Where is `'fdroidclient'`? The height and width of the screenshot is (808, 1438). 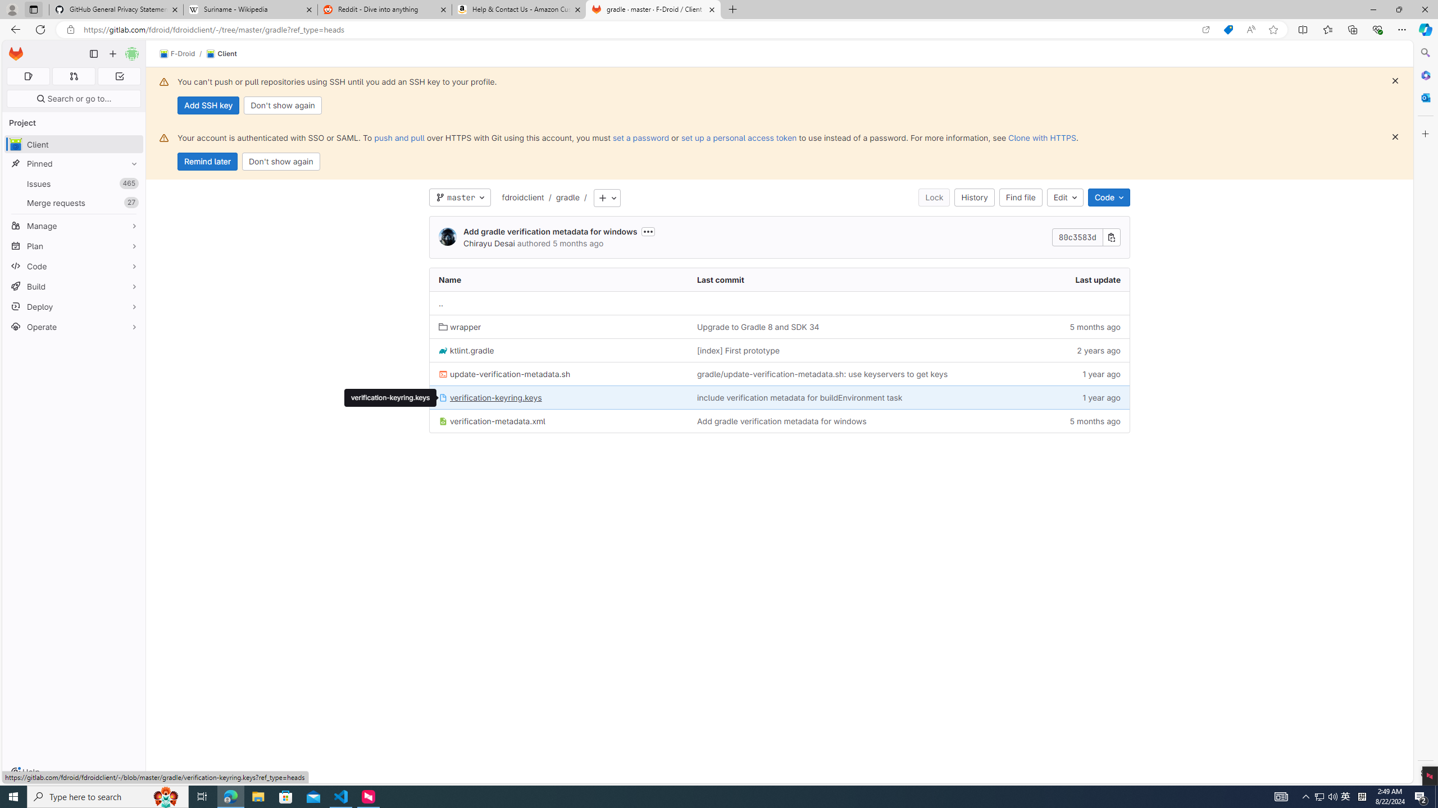
'fdroidclient' is located at coordinates (522, 197).